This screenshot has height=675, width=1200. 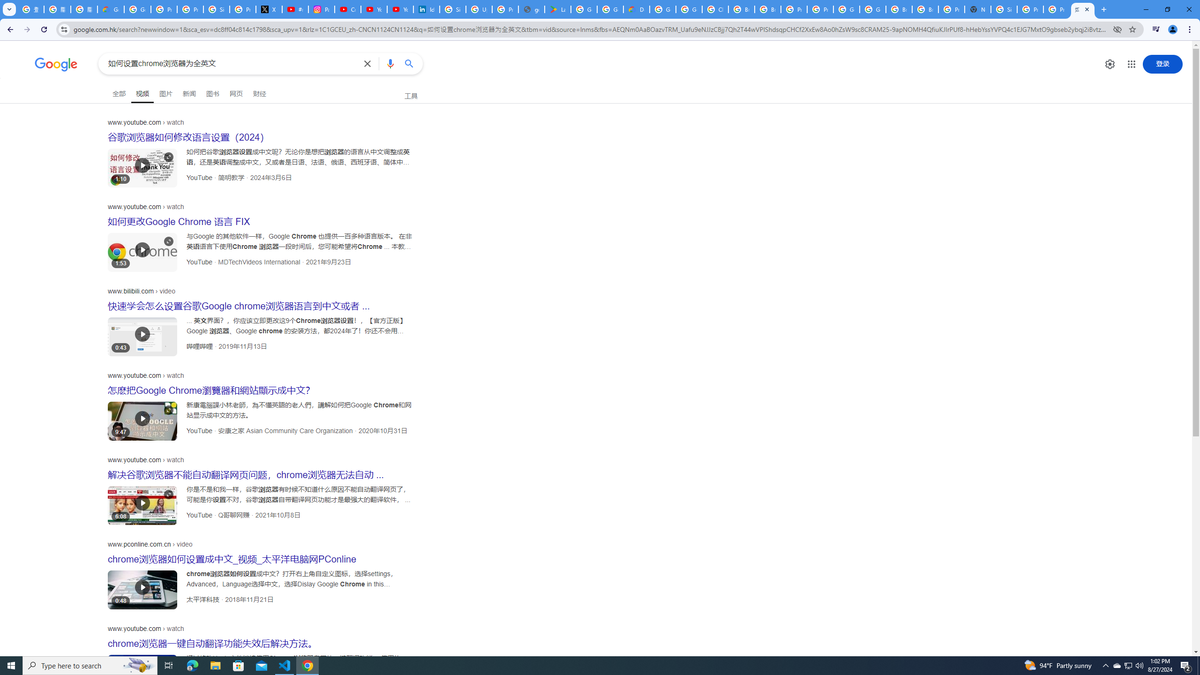 What do you see at coordinates (399, 9) in the screenshot?
I see `'YouTube Culture & Trends - YouTube Top 10, 2021'` at bounding box center [399, 9].